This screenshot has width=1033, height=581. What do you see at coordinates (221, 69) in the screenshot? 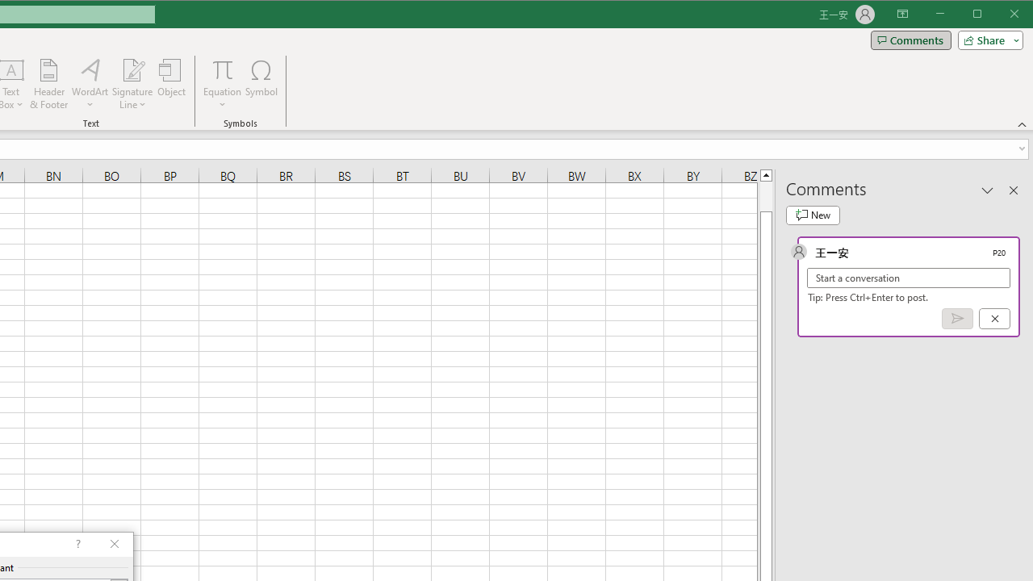
I see `'Equation'` at bounding box center [221, 69].